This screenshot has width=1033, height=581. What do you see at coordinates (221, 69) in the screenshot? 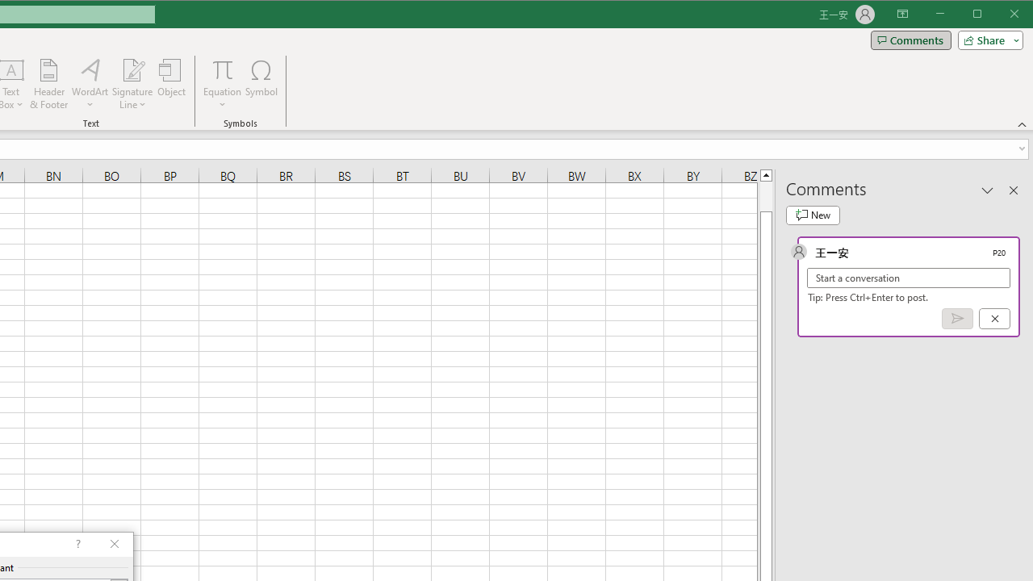
I see `'Equation'` at bounding box center [221, 69].